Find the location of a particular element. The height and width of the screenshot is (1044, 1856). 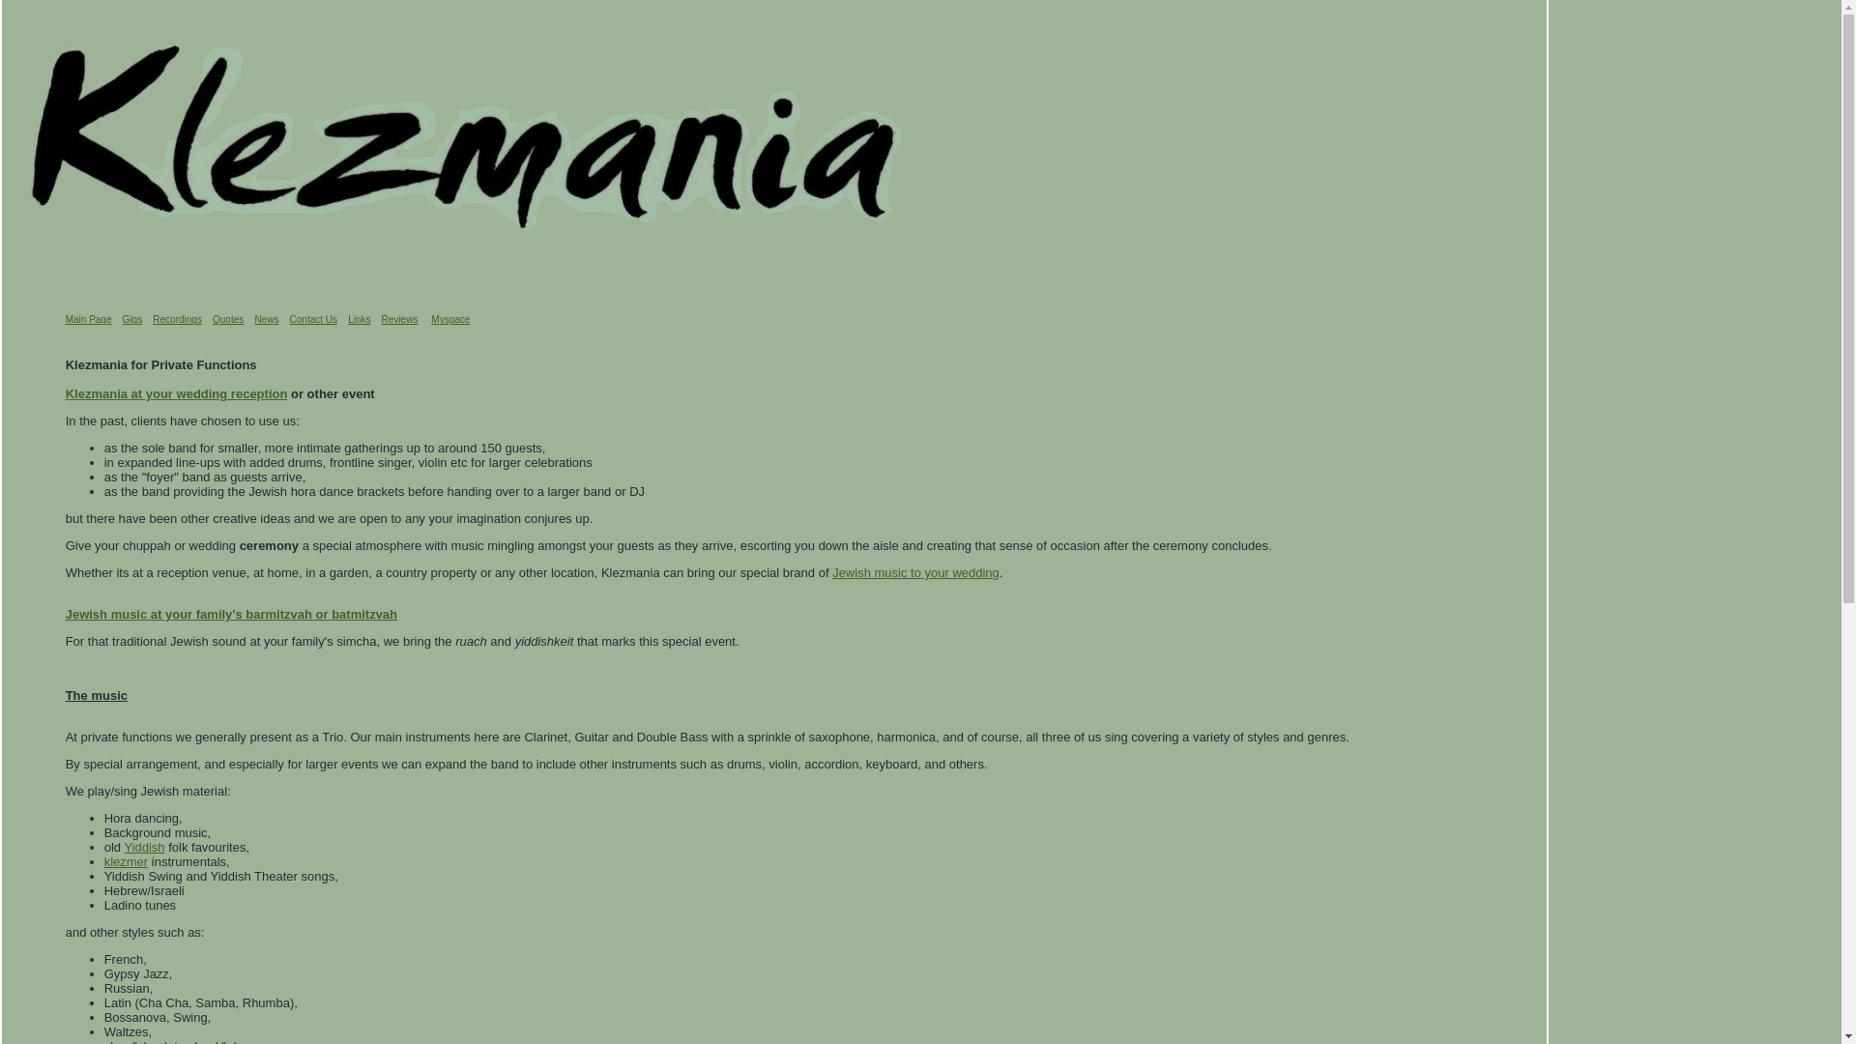

'Quotes' is located at coordinates (227, 318).